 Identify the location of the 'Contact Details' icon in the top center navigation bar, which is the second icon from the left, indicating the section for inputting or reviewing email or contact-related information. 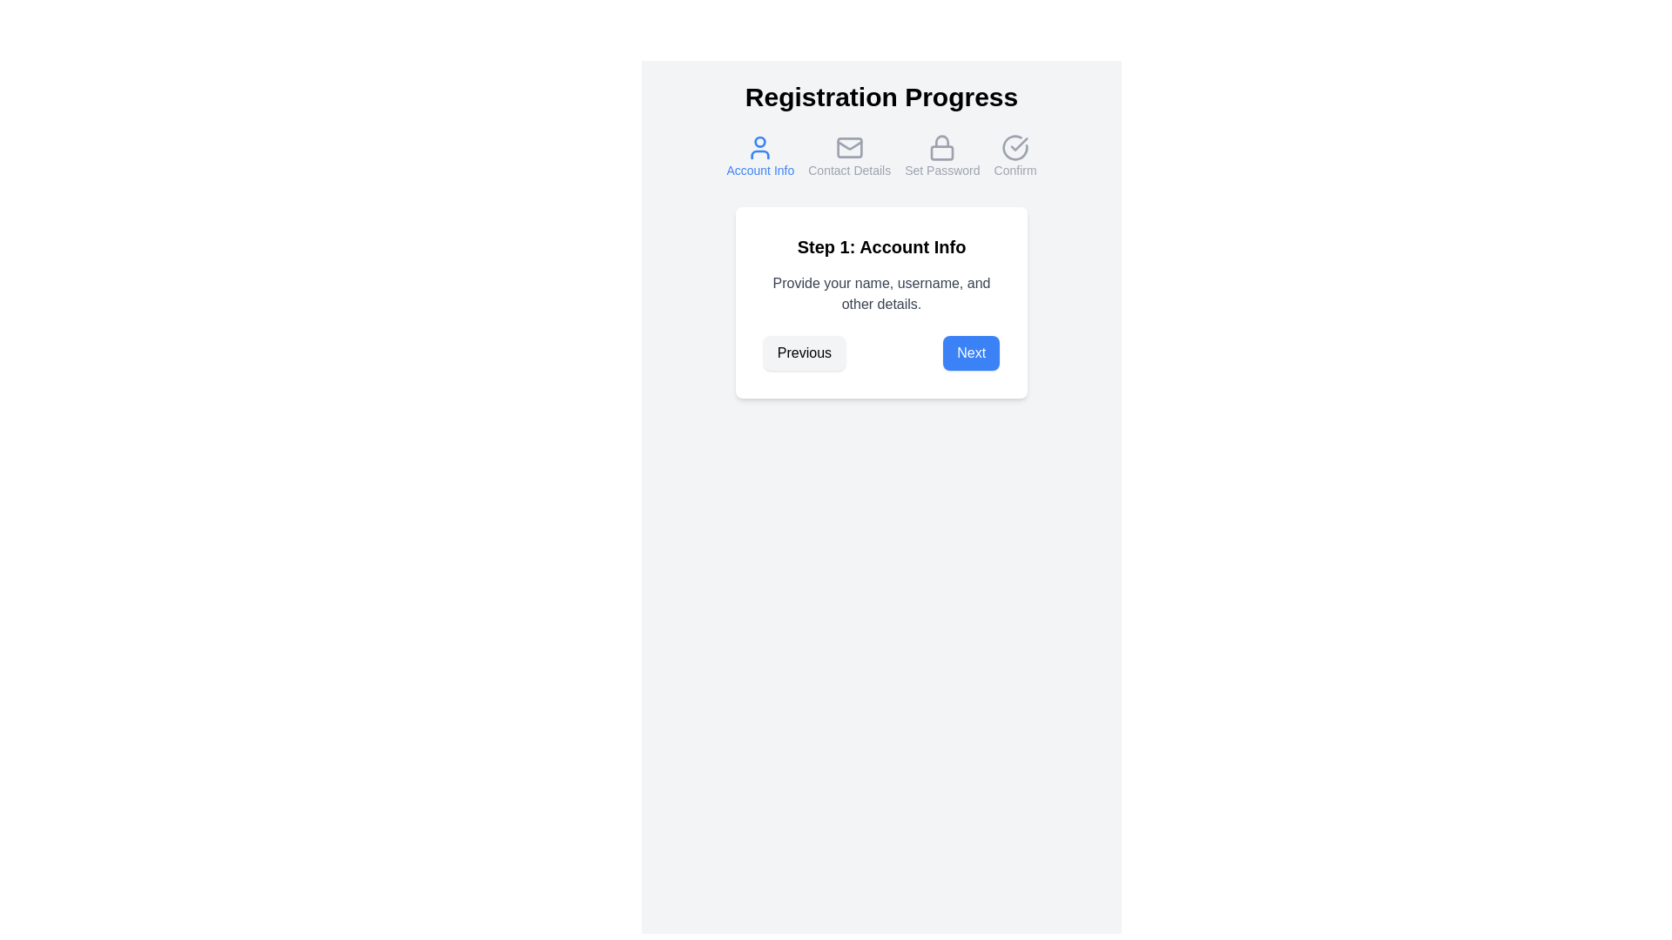
(849, 146).